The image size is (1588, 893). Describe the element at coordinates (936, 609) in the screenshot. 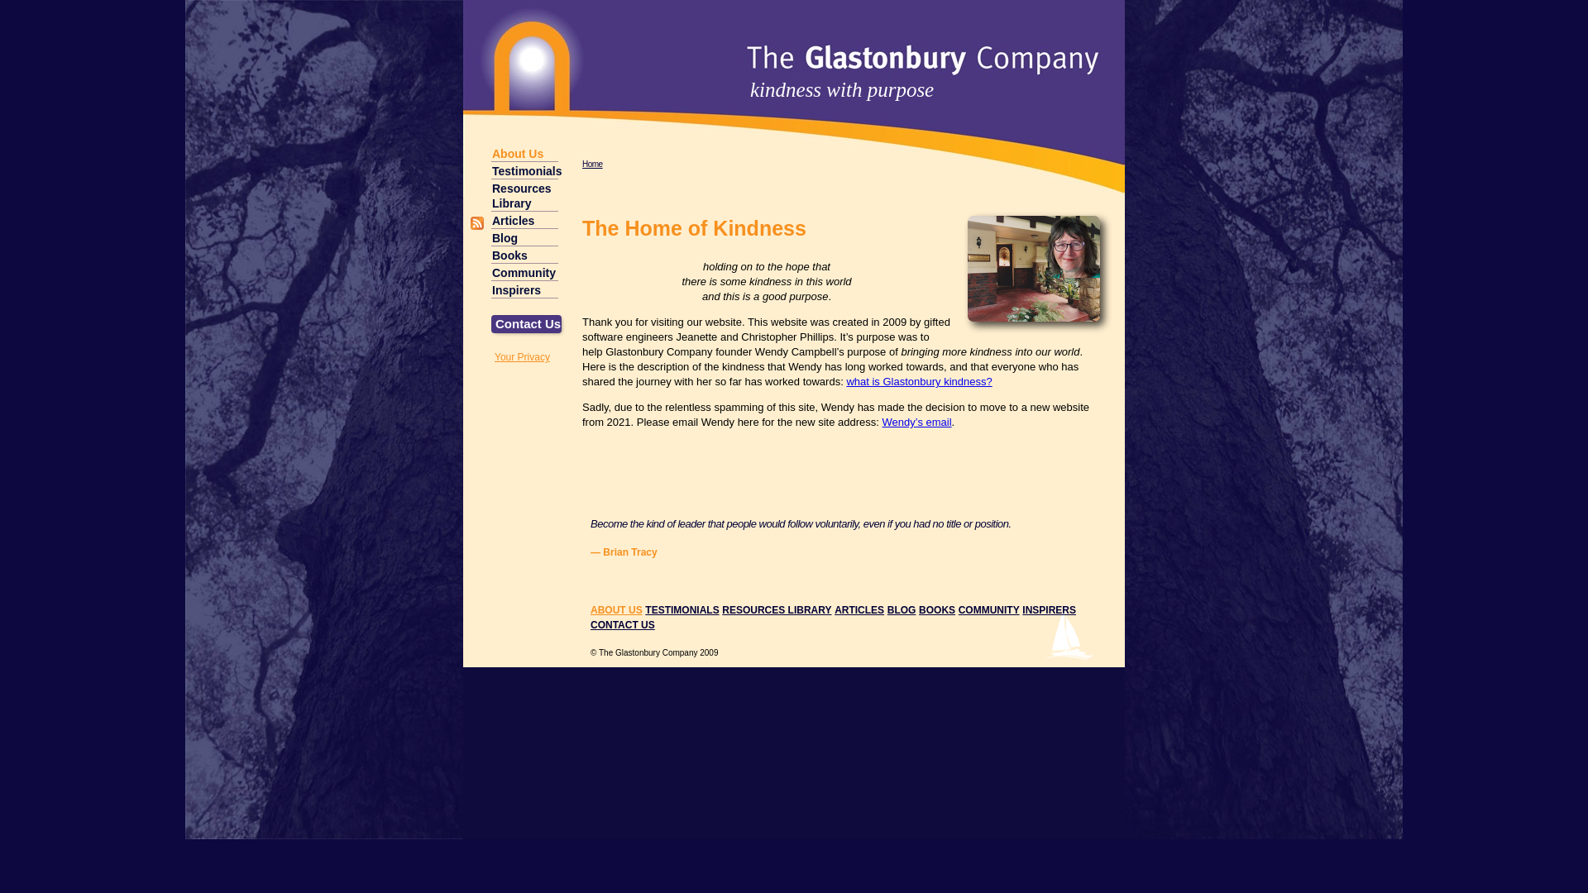

I see `'BOOKS'` at that location.